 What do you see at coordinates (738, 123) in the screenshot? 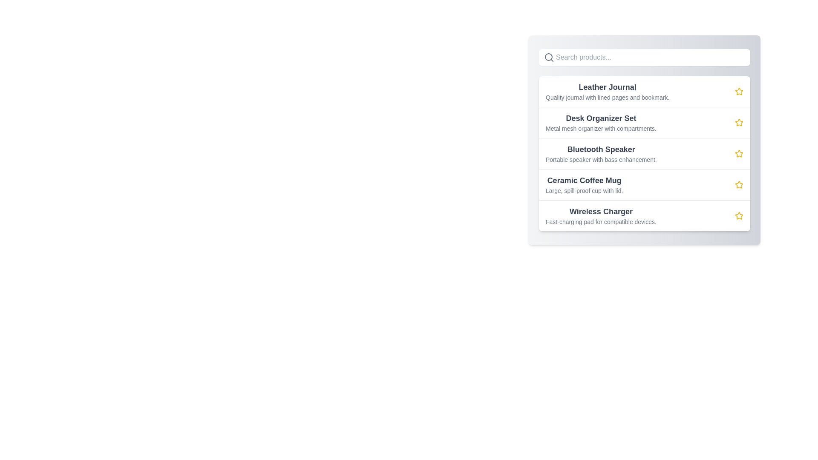
I see `the yellow star icon located to the far right of the row containing the title 'Desk Organizer Set' and description 'Metal mesh organizer with compartments.'` at bounding box center [738, 123].